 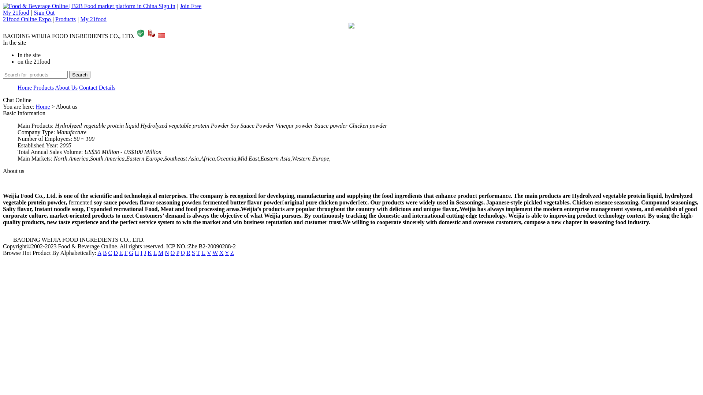 What do you see at coordinates (198, 252) in the screenshot?
I see `'T'` at bounding box center [198, 252].